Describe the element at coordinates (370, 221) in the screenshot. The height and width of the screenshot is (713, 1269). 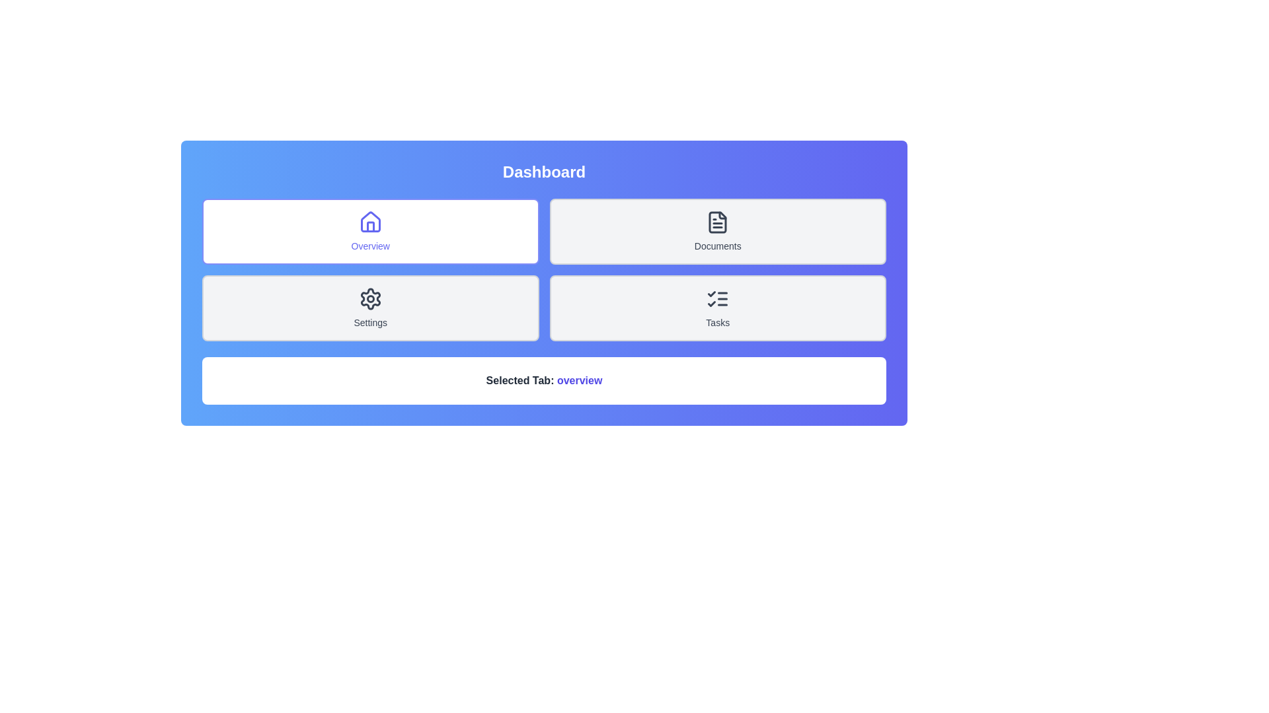
I see `the 'Overview' icon located in the top-left section of the dashboard interface` at that location.